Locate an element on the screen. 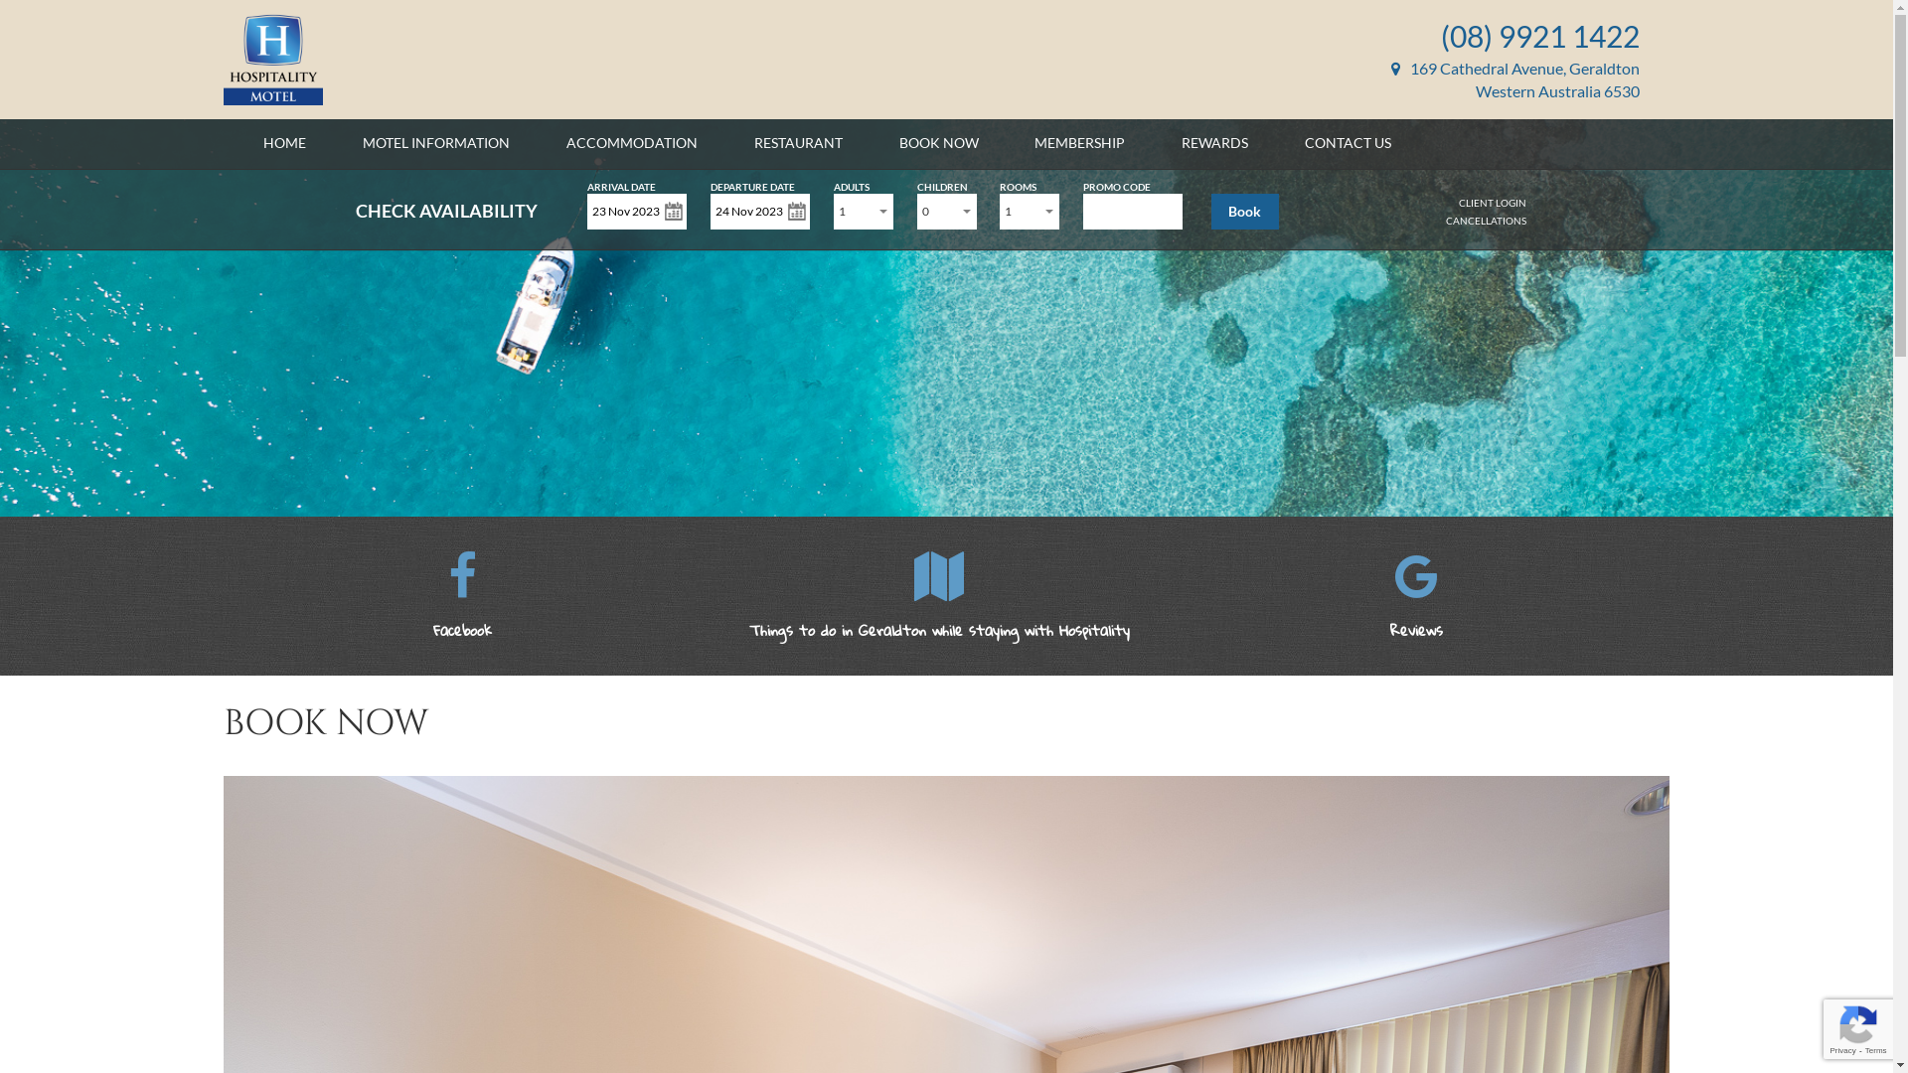 Image resolution: width=1908 pixels, height=1073 pixels. 'ACCOMMODATION' is located at coordinates (565, 141).